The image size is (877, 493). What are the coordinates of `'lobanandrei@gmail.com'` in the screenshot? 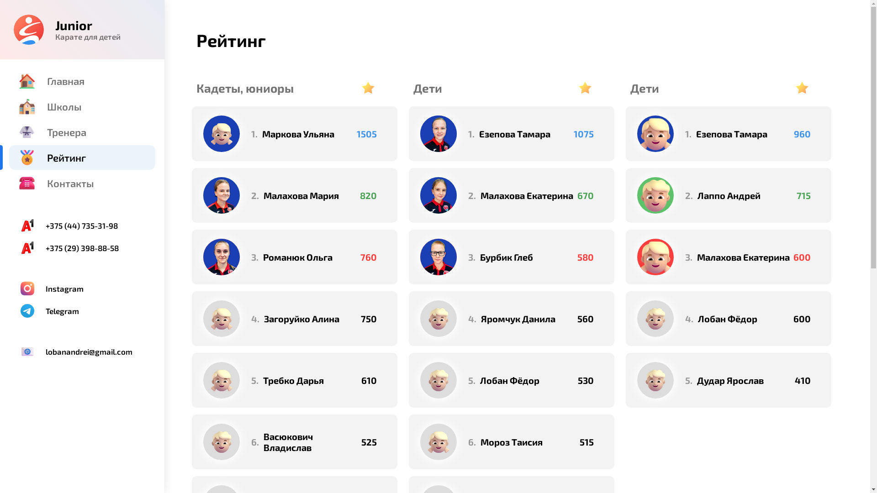 It's located at (82, 351).